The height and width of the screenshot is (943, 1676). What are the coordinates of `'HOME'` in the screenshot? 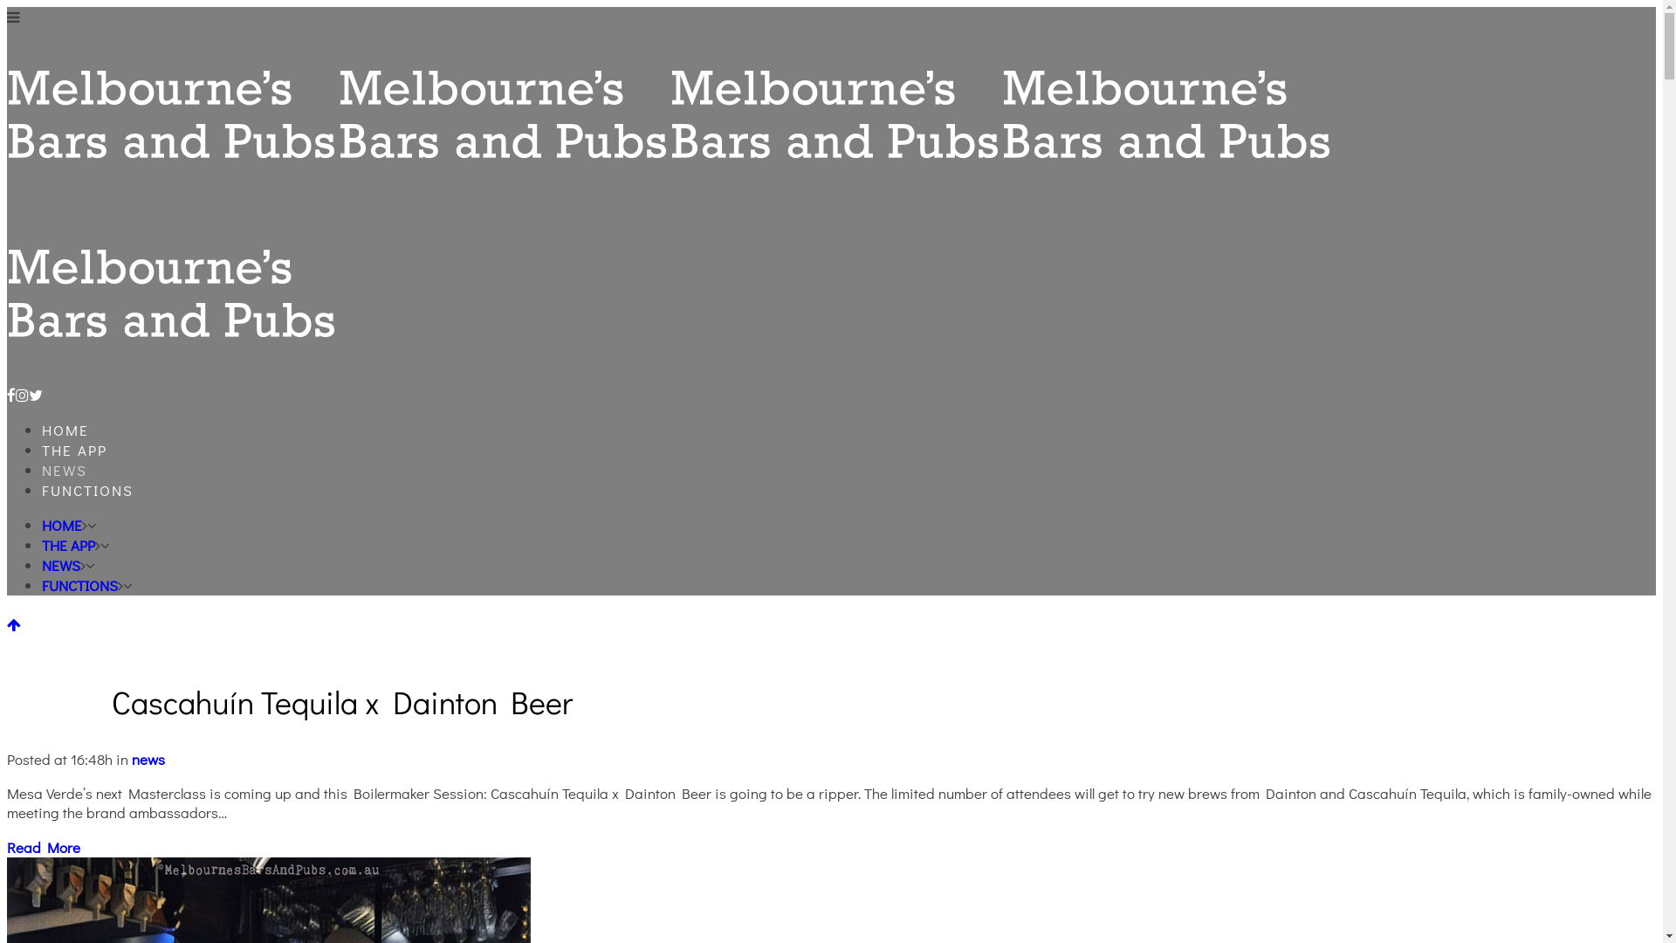 It's located at (65, 430).